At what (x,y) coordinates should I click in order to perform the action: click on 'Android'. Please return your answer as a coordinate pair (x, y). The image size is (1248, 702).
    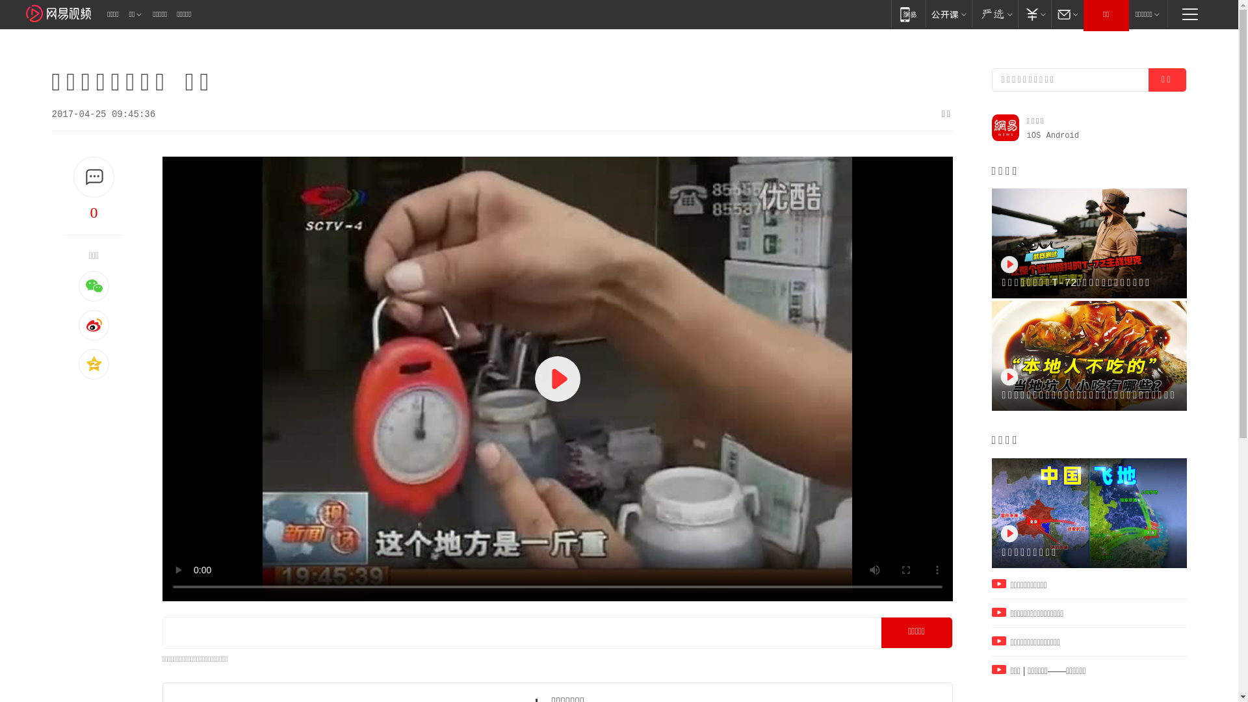
    Looking at the image, I should click on (1046, 135).